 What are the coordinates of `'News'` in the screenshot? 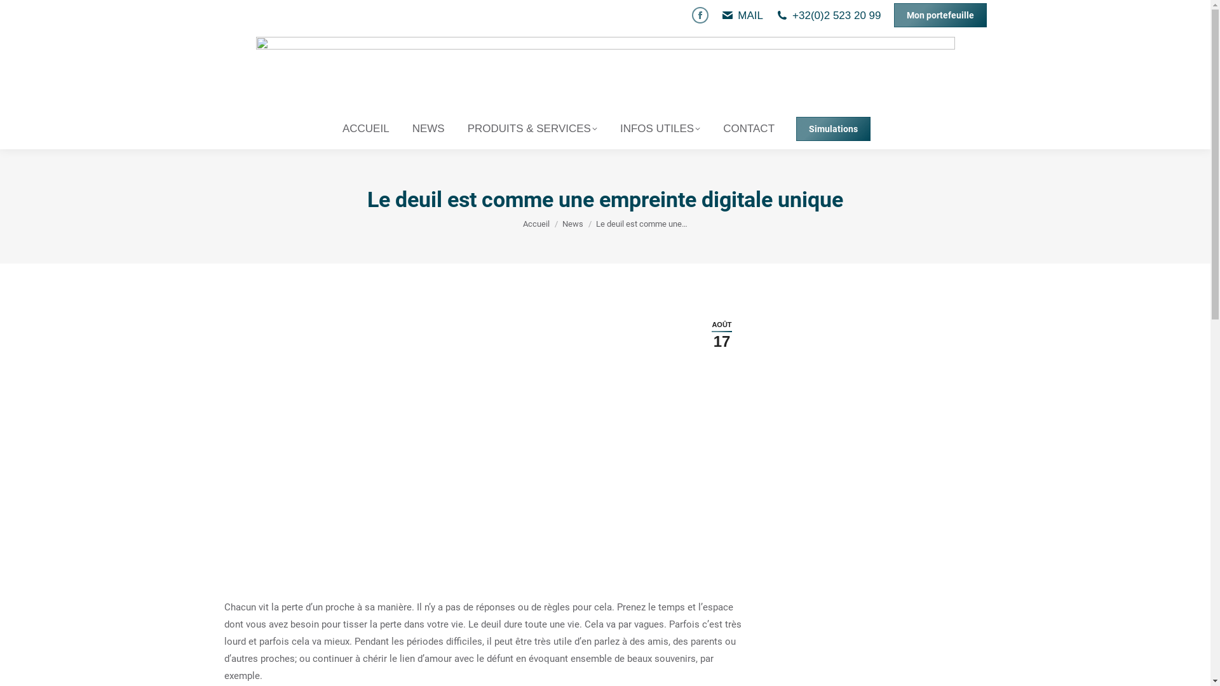 It's located at (572, 222).